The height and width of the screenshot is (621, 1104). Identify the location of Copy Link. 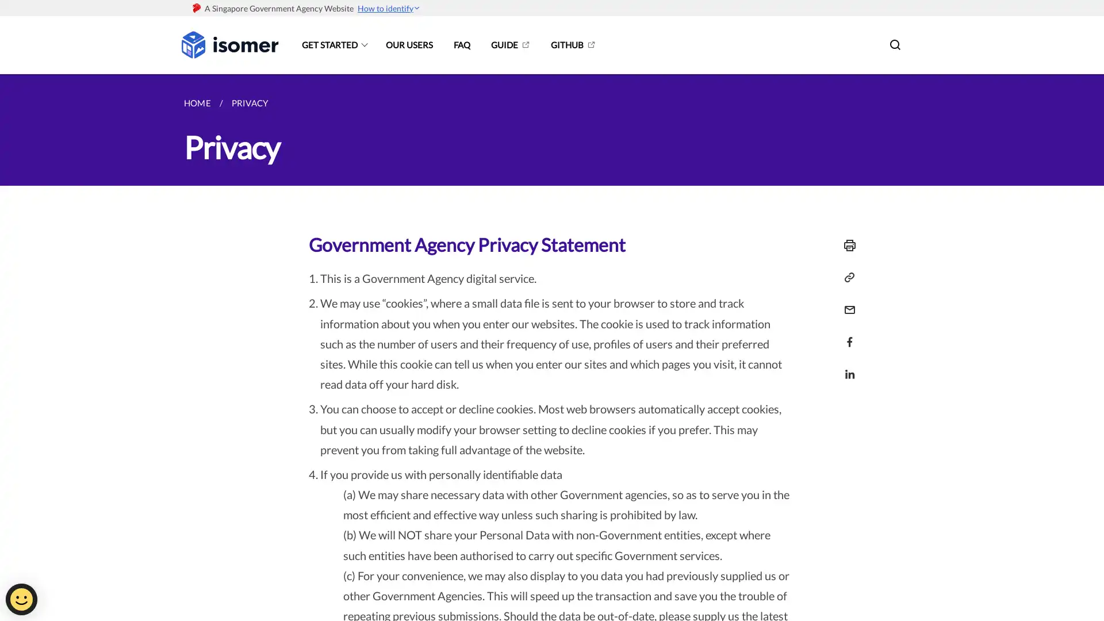
(846, 277).